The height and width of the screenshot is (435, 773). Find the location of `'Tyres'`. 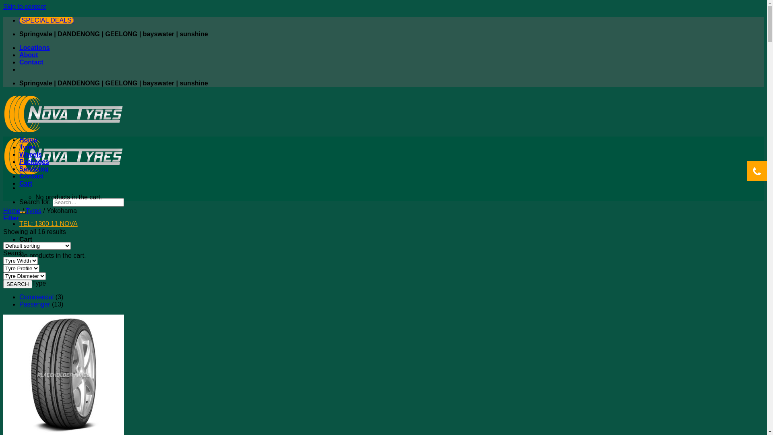

'Tyres' is located at coordinates (33, 210).